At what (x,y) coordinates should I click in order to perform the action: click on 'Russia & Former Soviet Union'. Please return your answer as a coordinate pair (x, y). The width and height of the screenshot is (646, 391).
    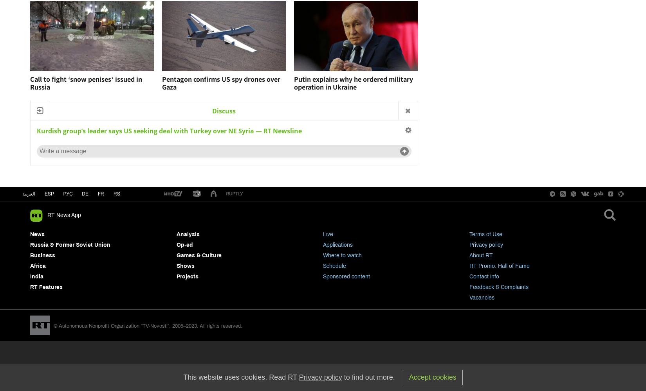
    Looking at the image, I should click on (70, 245).